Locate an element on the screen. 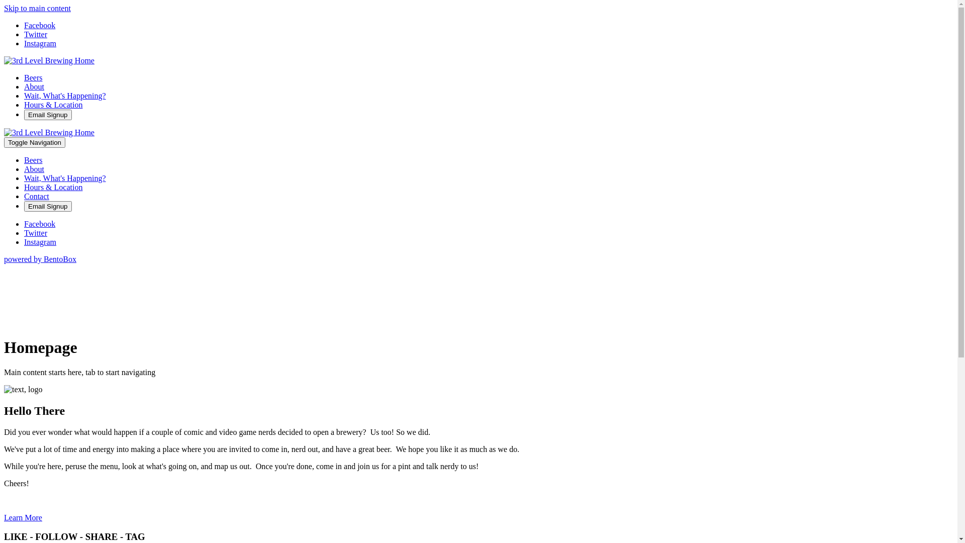  'About' is located at coordinates (34, 86).